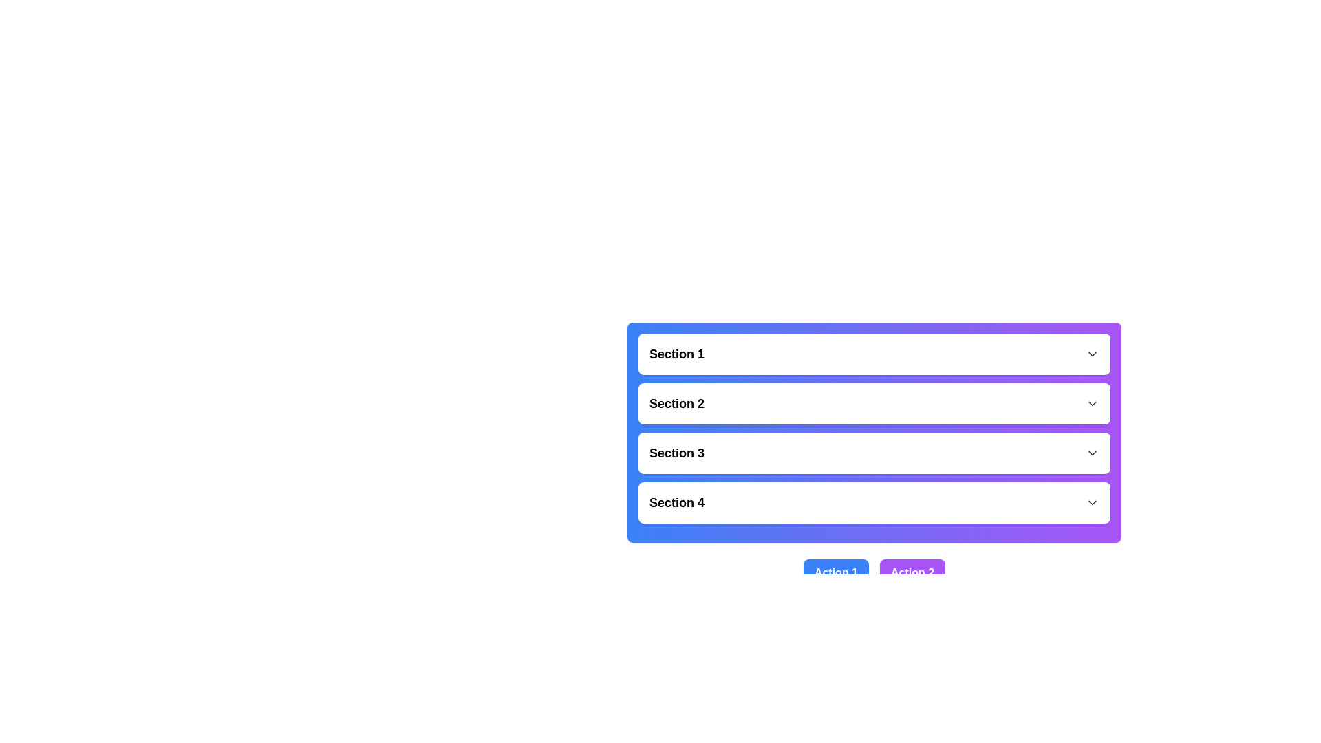 This screenshot has width=1321, height=743. I want to click on the expandable list item labeled 'Section 4', so click(874, 503).